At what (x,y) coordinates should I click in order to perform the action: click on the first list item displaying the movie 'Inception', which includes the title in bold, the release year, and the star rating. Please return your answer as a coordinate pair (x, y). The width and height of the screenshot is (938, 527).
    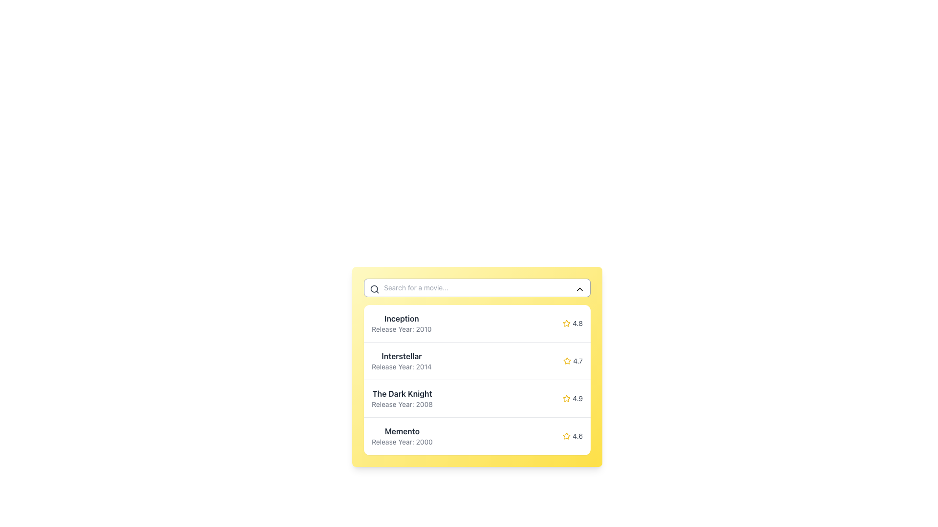
    Looking at the image, I should click on (477, 324).